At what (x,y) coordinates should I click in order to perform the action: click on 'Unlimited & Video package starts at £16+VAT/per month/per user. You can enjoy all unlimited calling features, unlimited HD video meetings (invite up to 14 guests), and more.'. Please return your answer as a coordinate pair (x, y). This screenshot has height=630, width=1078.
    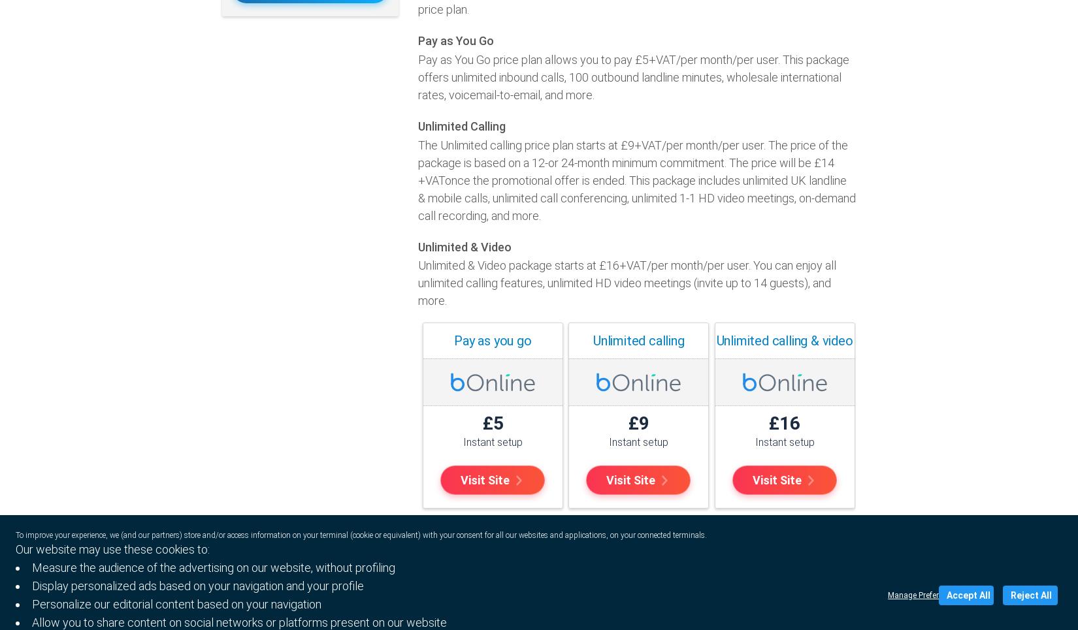
    Looking at the image, I should click on (627, 283).